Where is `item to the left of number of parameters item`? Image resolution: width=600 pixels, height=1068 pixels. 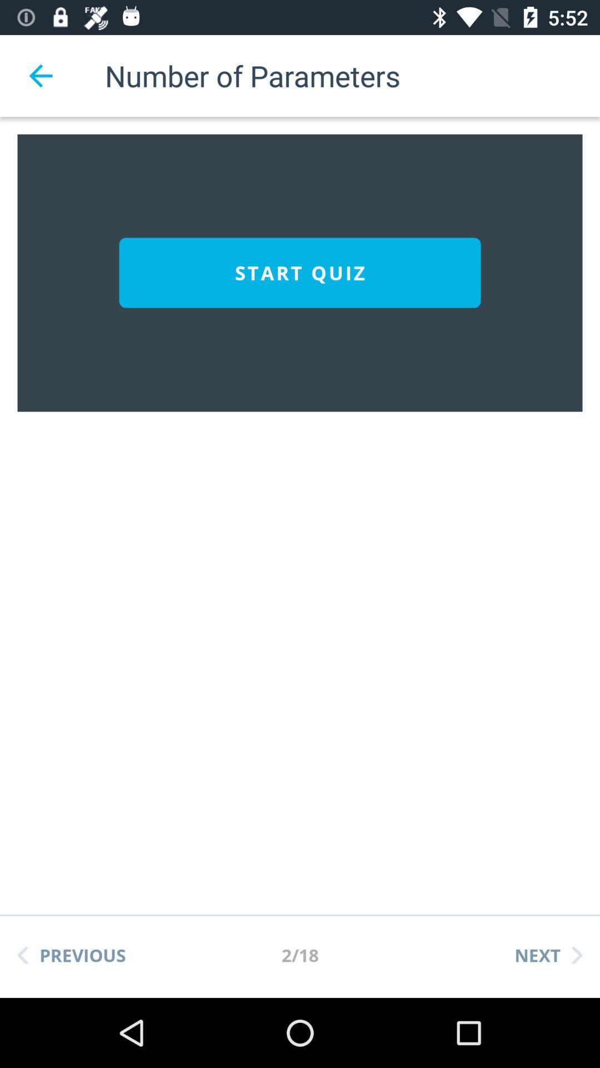 item to the left of number of parameters item is located at coordinates (40, 75).